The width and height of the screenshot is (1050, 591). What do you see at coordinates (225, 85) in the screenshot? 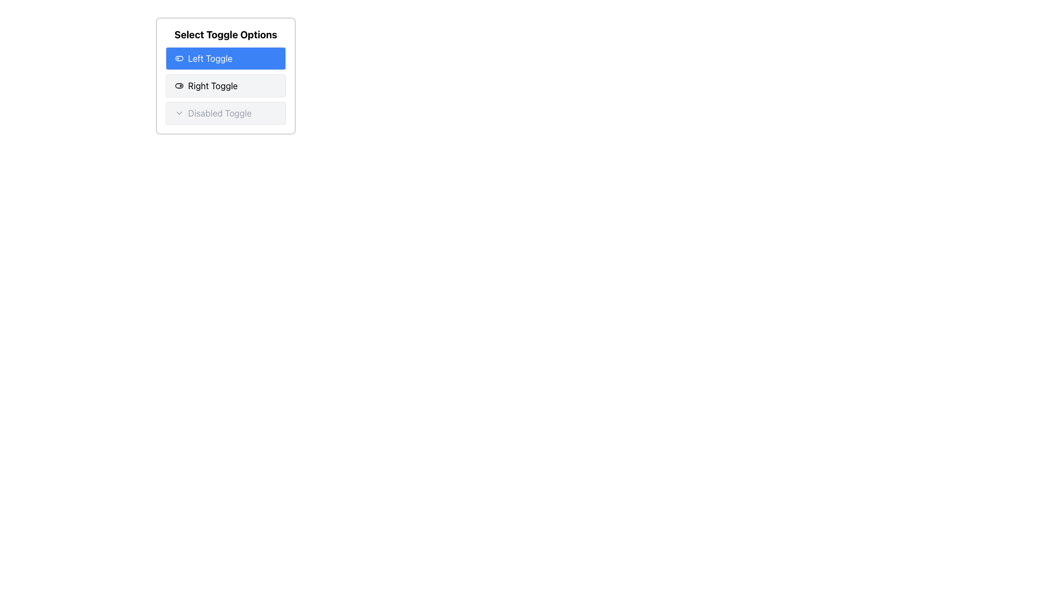
I see `the 'Right Toggle' button in the toggle group` at bounding box center [225, 85].